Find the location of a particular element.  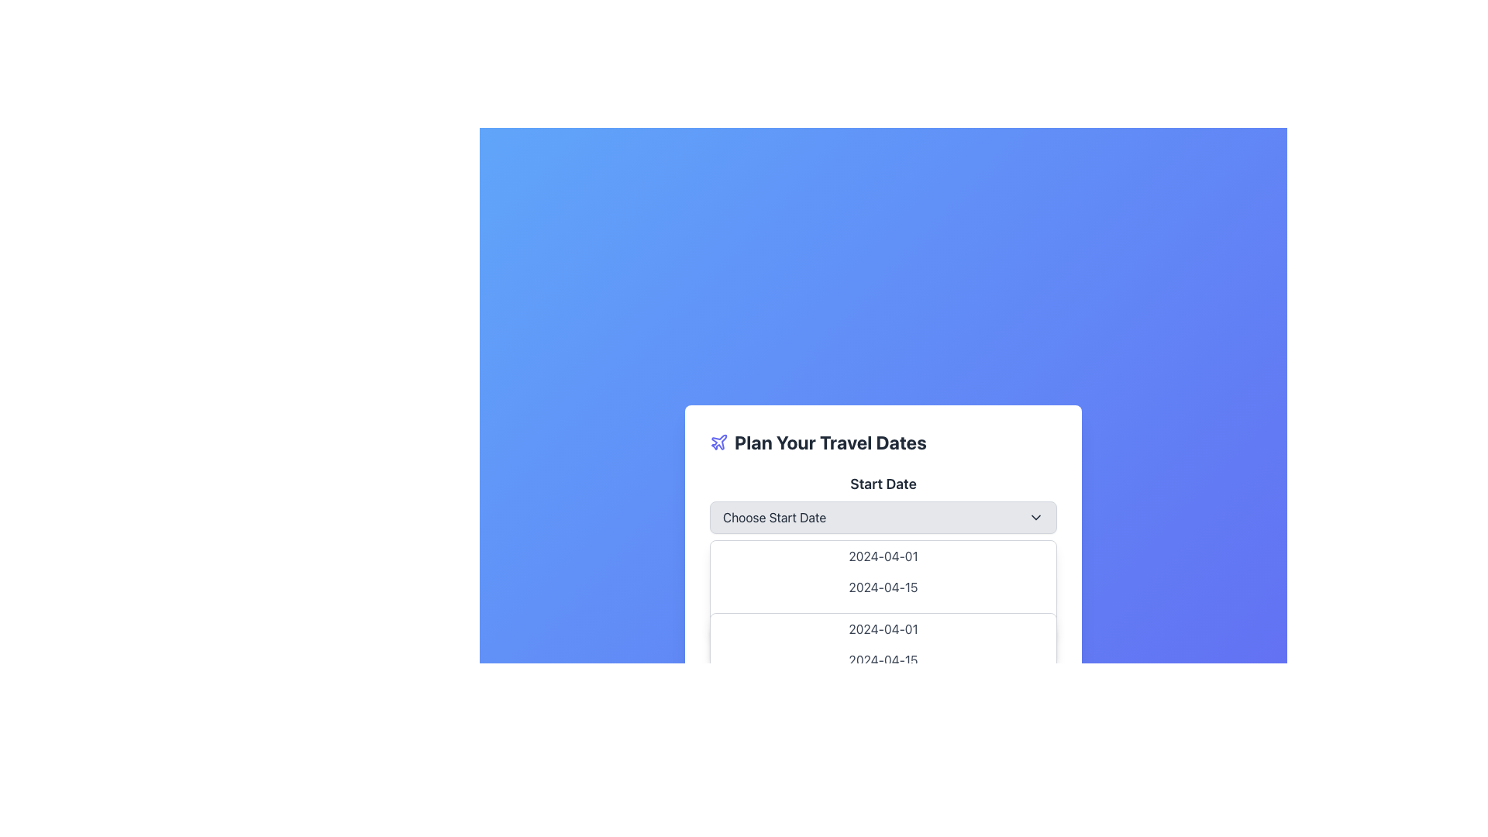

the Text Label with Icon displaying 'Plan Your Travel Dates', which includes a plane icon to the left, positioned at the top of the travel planning options panel is located at coordinates (883, 442).